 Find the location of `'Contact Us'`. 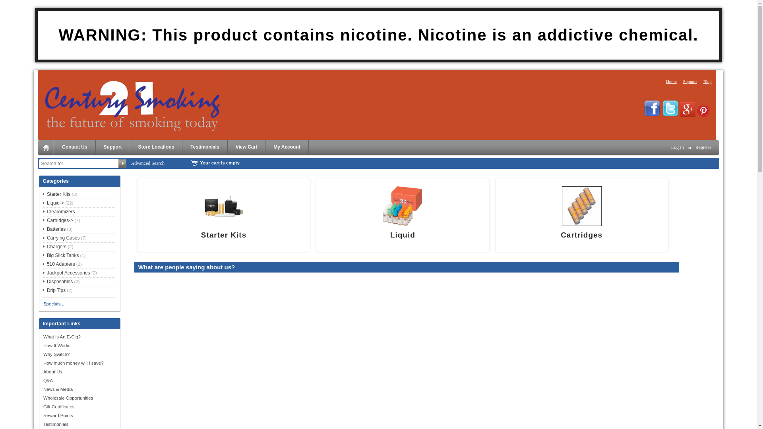

'Contact Us' is located at coordinates (74, 147).